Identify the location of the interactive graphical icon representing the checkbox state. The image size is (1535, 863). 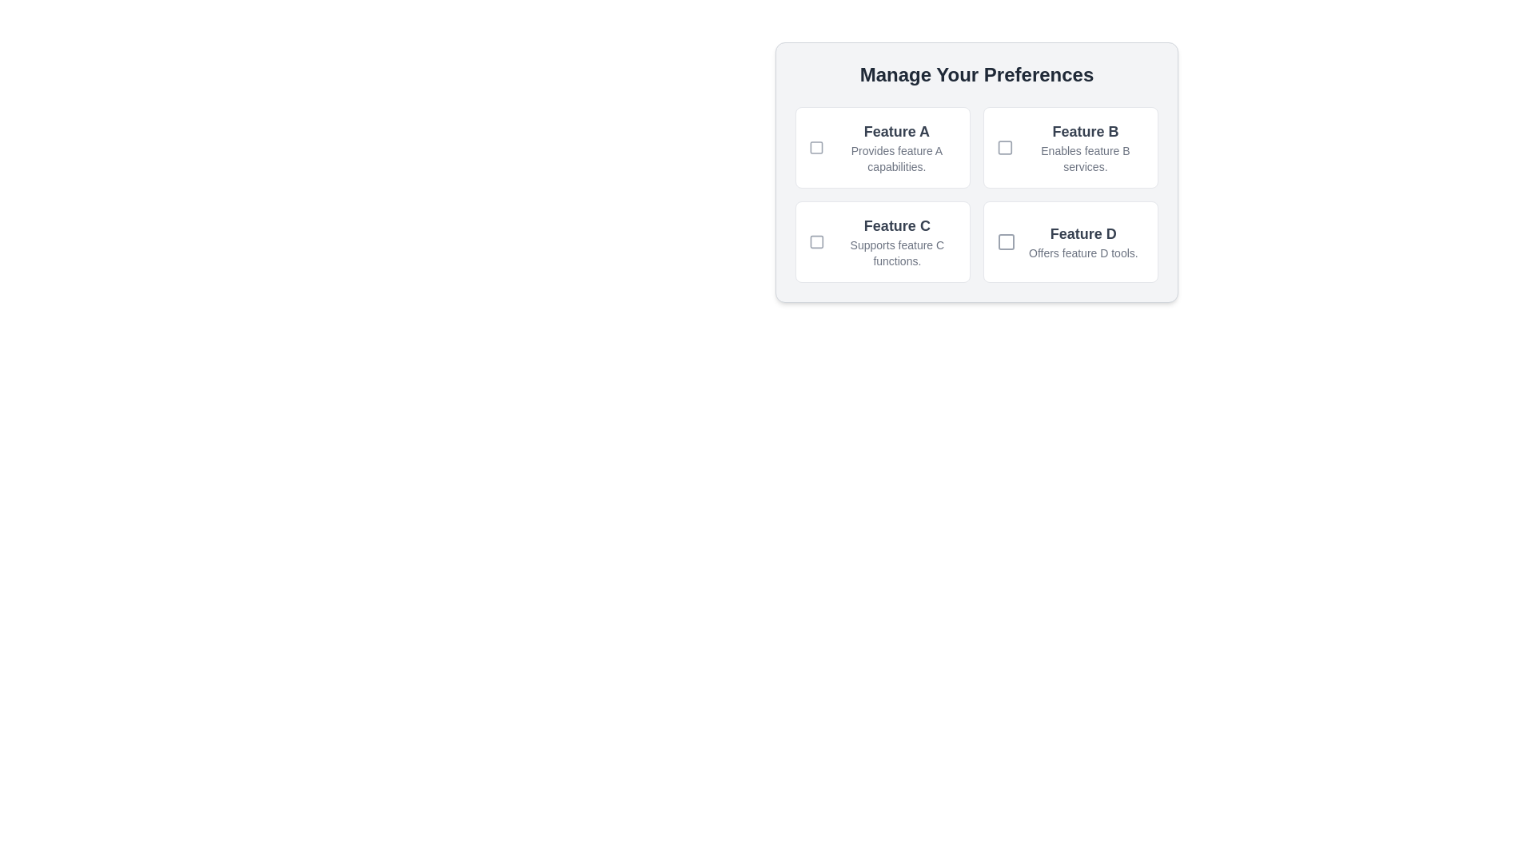
(1004, 148).